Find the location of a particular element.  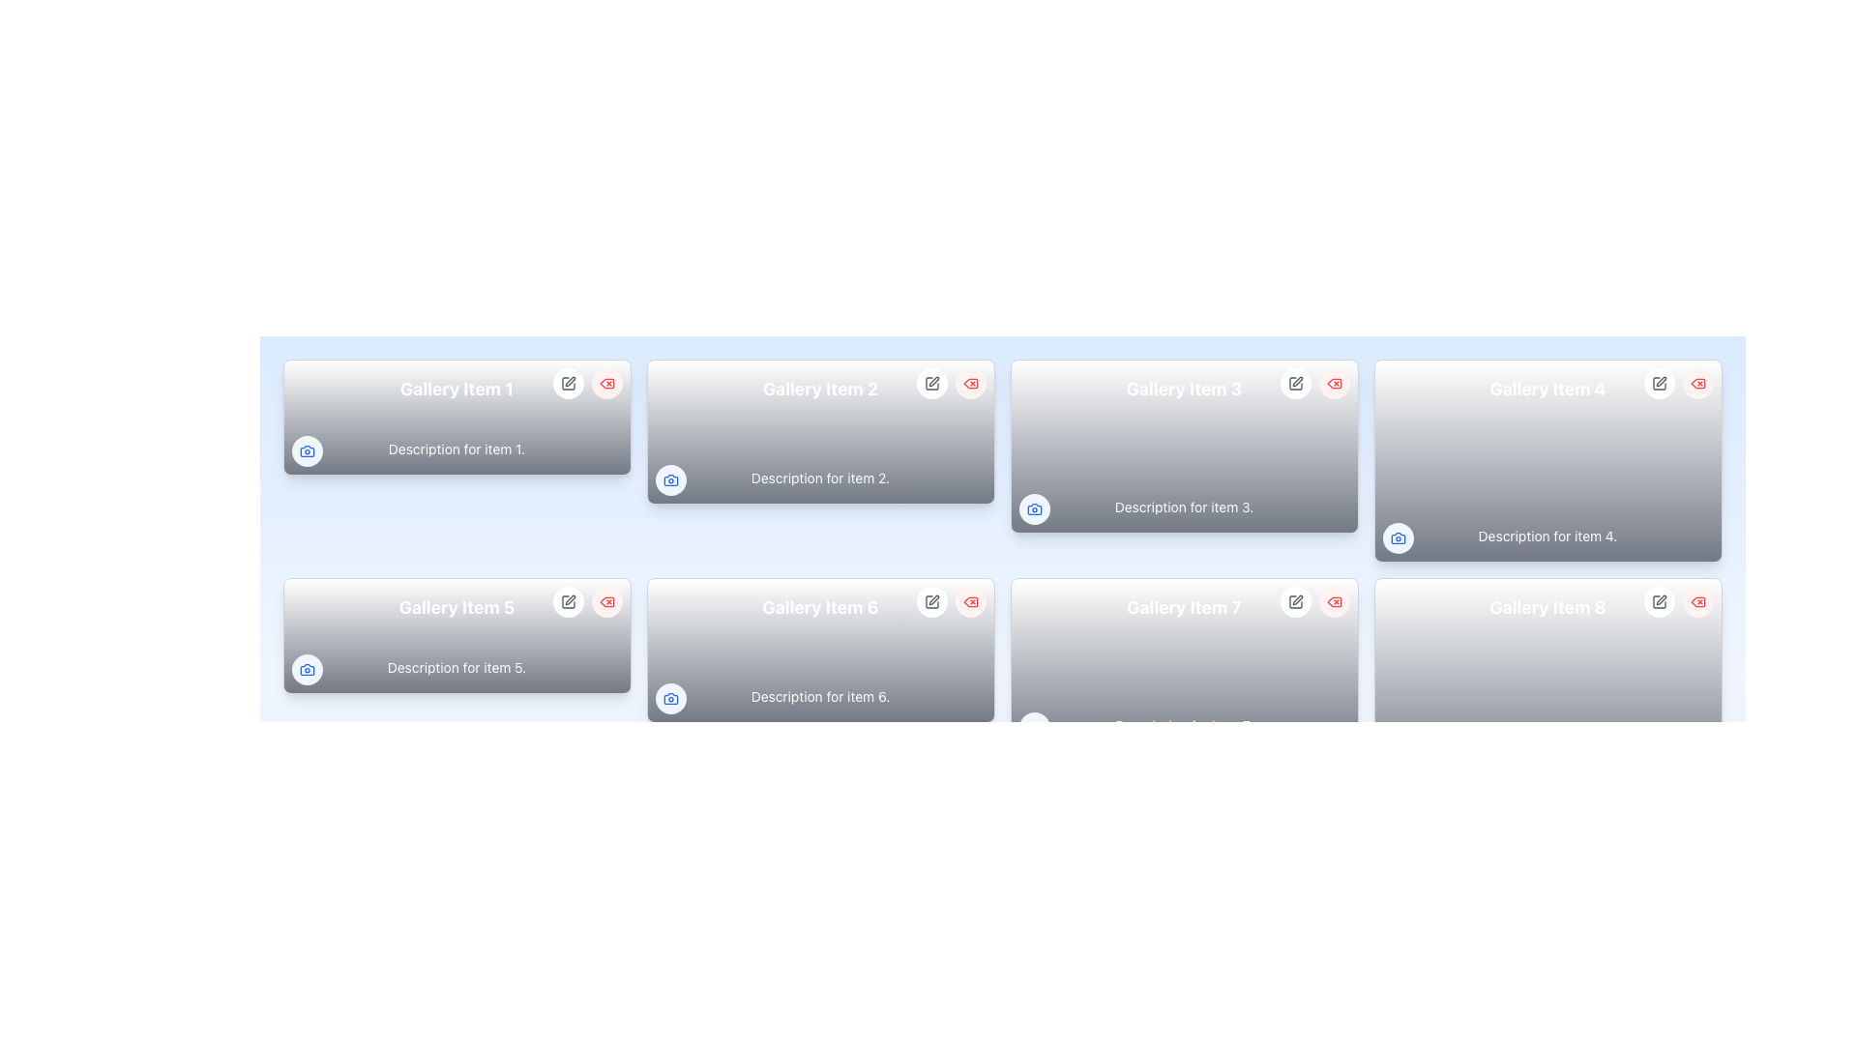

the delete button located at the top-right corner of the 'Gallery Item 5' card is located at coordinates (605, 601).